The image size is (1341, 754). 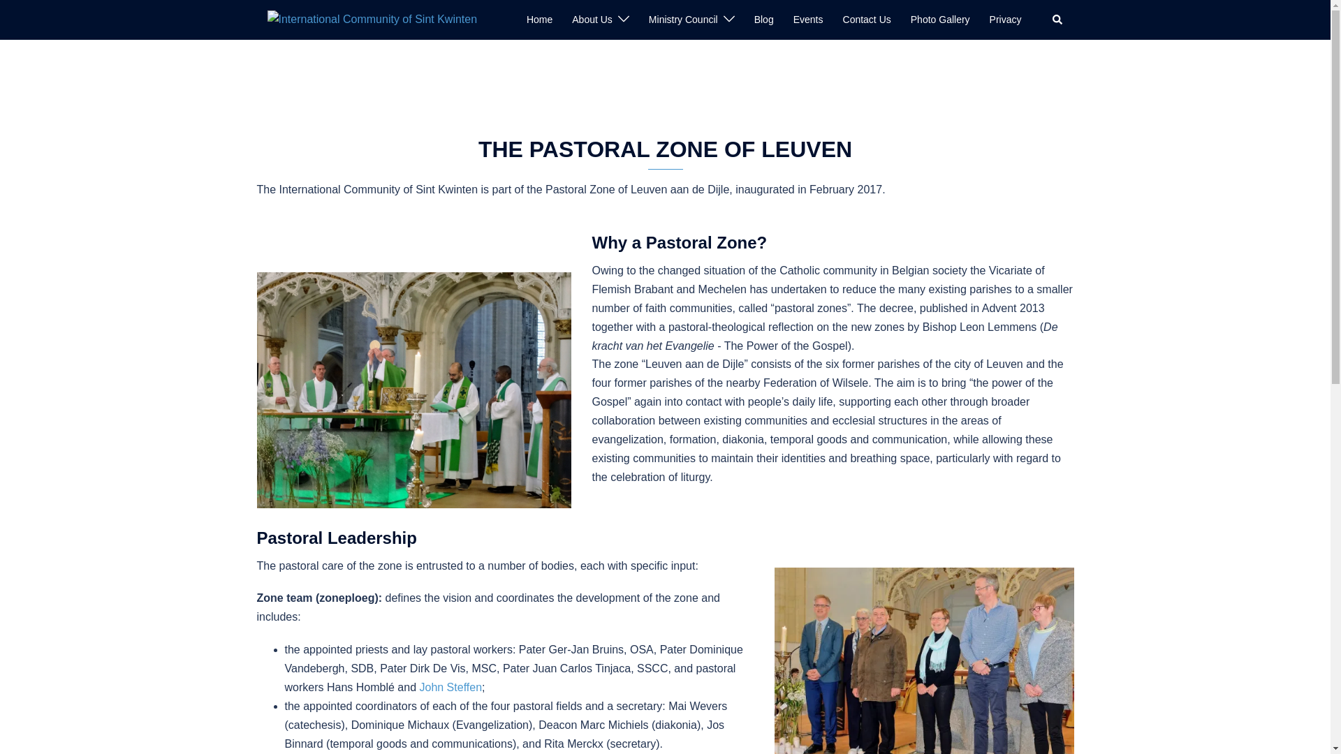 What do you see at coordinates (763, 20) in the screenshot?
I see `'Blog'` at bounding box center [763, 20].